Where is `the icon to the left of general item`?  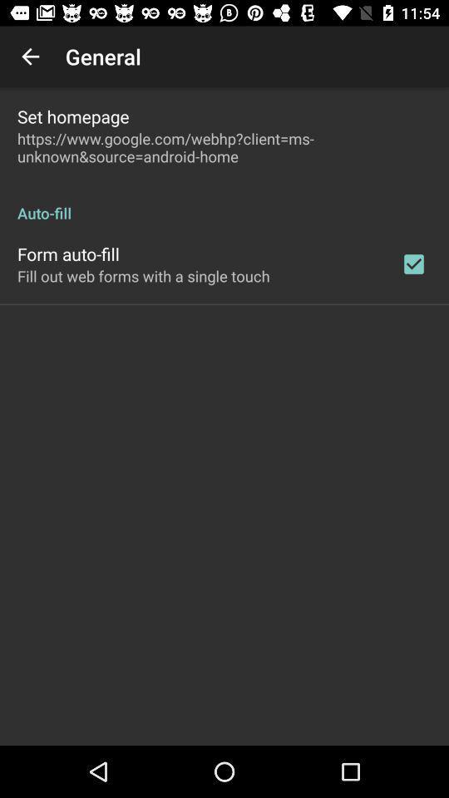
the icon to the left of general item is located at coordinates (30, 57).